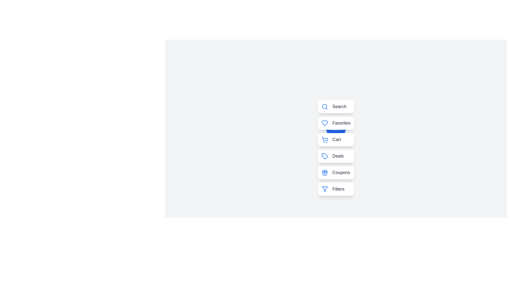 The image size is (529, 297). Describe the element at coordinates (325, 107) in the screenshot. I see `the leftmost icon of the 'Search' button to initiate the search functionality` at that location.